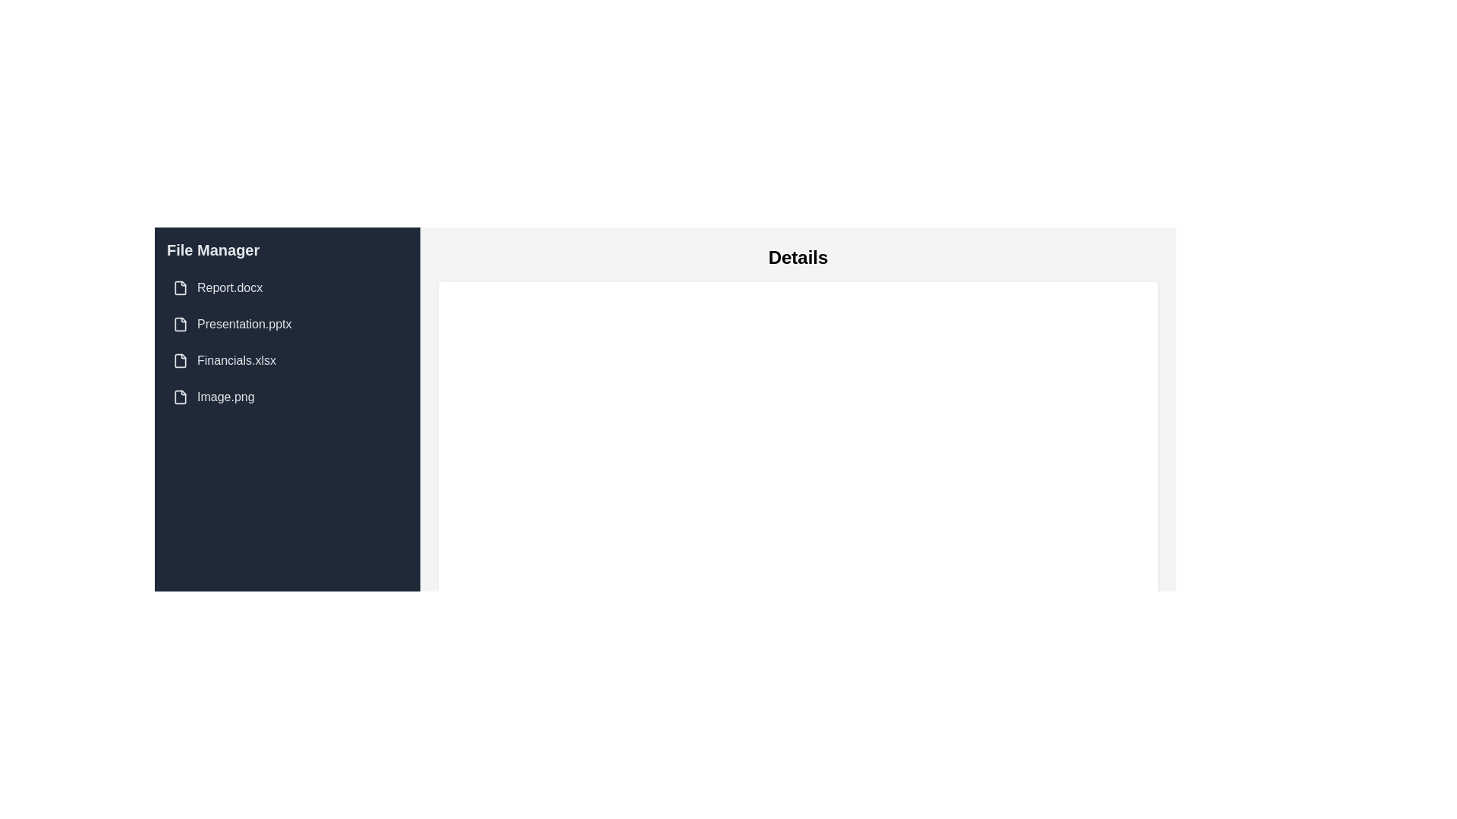 The height and width of the screenshot is (819, 1457). Describe the element at coordinates (181, 397) in the screenshot. I see `the file document icon located in the 'File Manager' sidebar, adjacent to the text 'Image.png'` at that location.